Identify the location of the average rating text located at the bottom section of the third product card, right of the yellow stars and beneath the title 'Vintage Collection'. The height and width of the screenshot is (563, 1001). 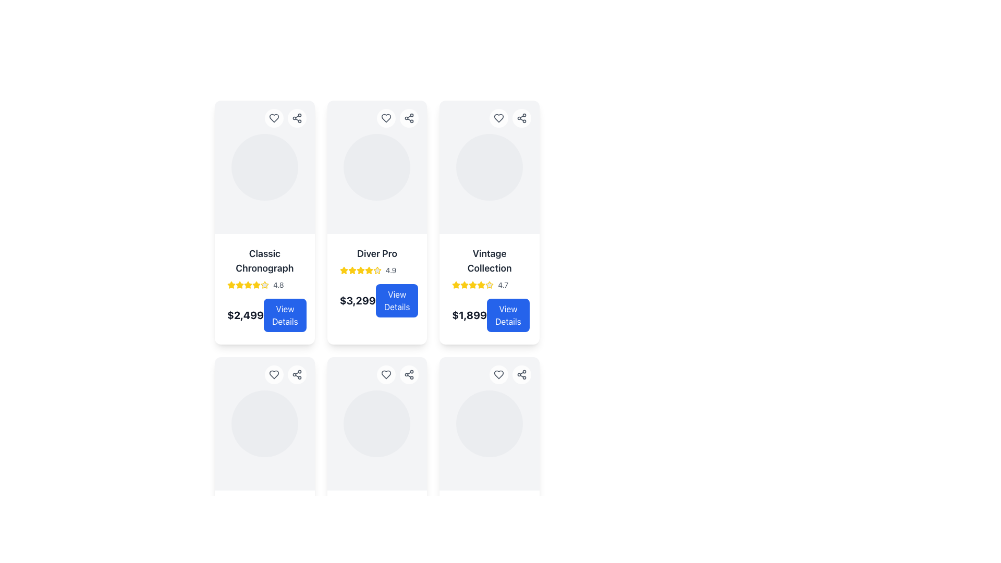
(503, 285).